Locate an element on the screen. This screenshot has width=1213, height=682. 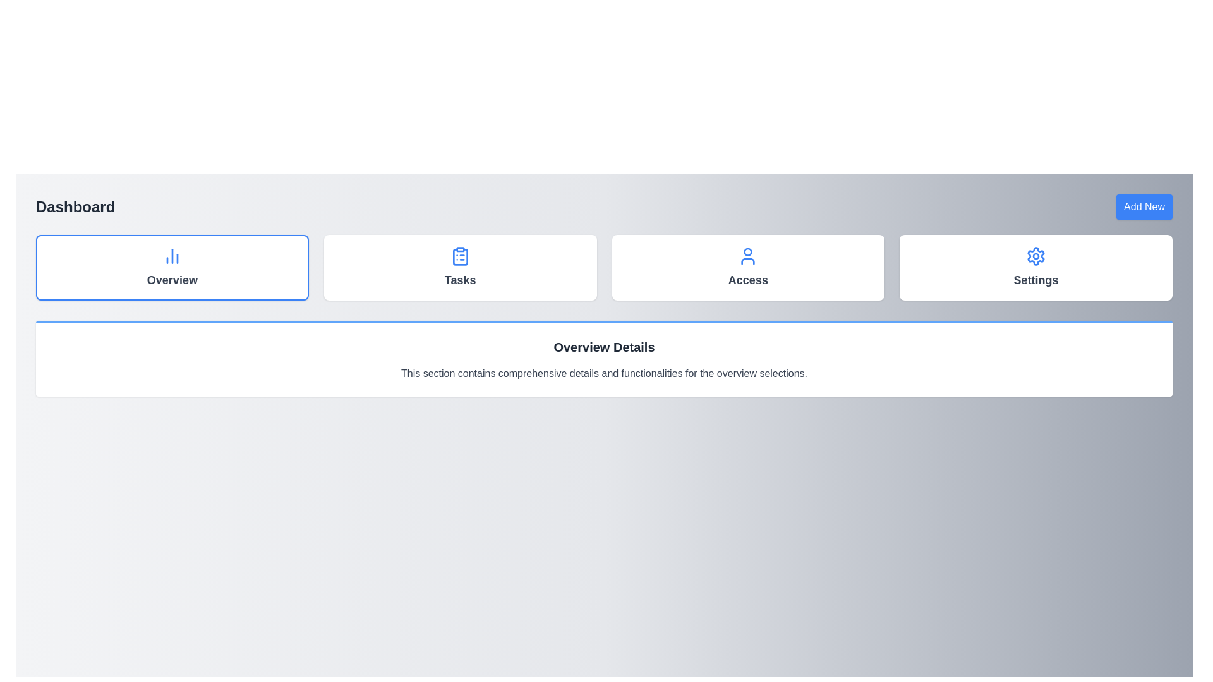
the blue user/profile icon located in the third quadrant of the top menu area, which is centered above the label 'Access' is located at coordinates (748, 256).